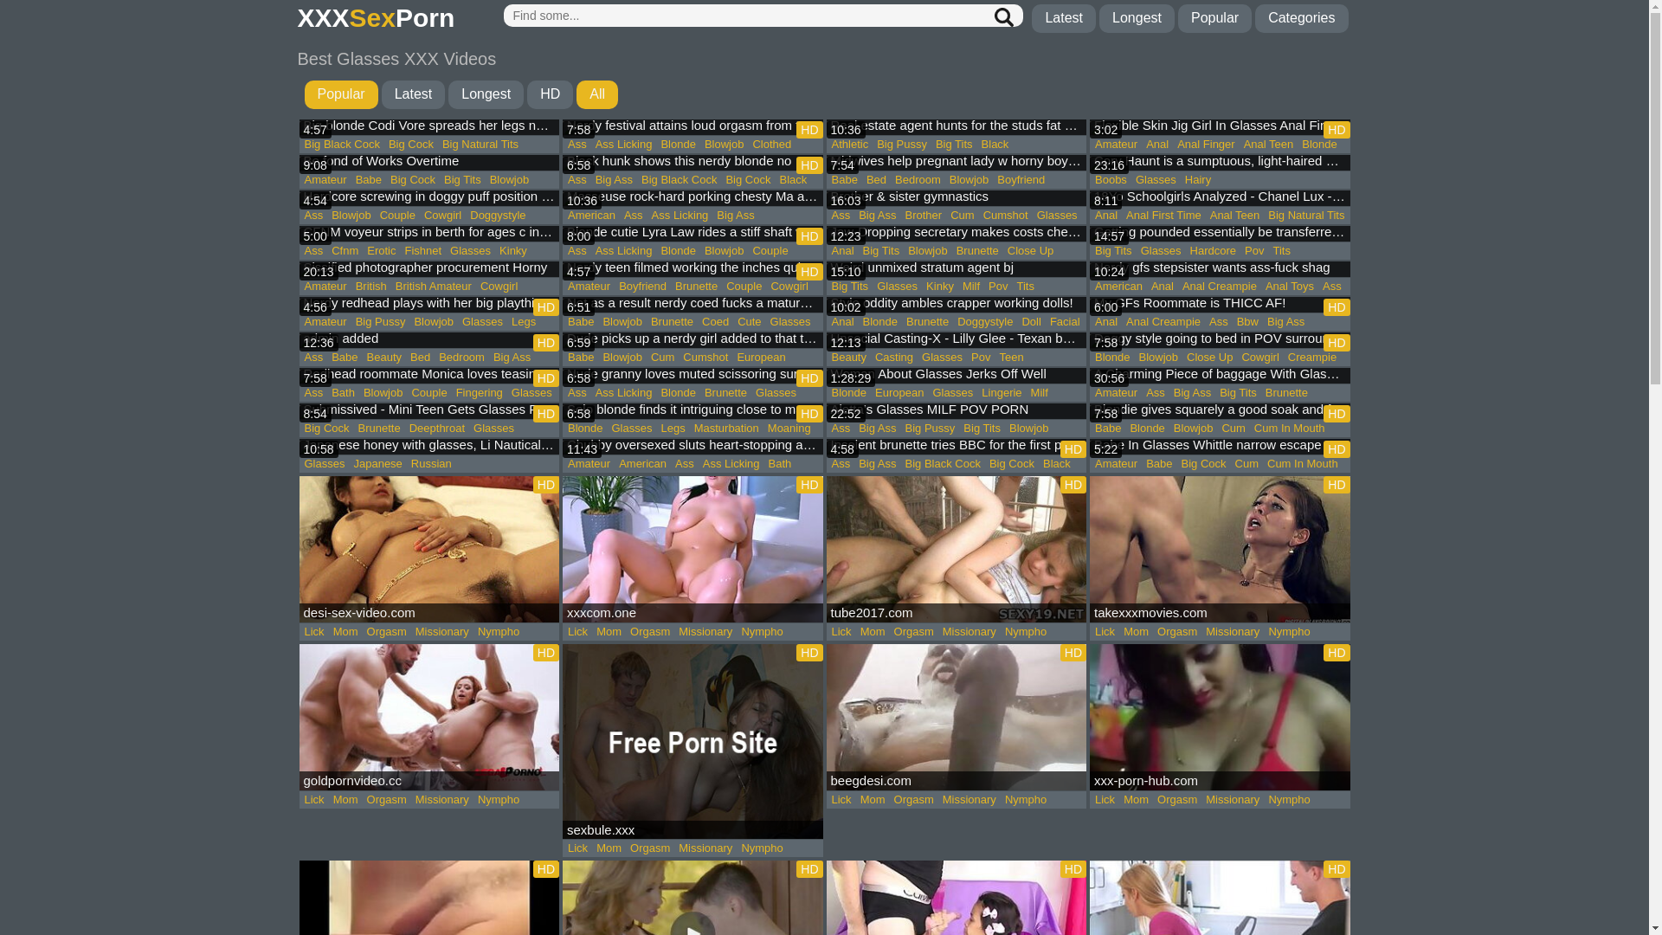 The width and height of the screenshot is (1662, 935). What do you see at coordinates (876, 180) in the screenshot?
I see `'Bed'` at bounding box center [876, 180].